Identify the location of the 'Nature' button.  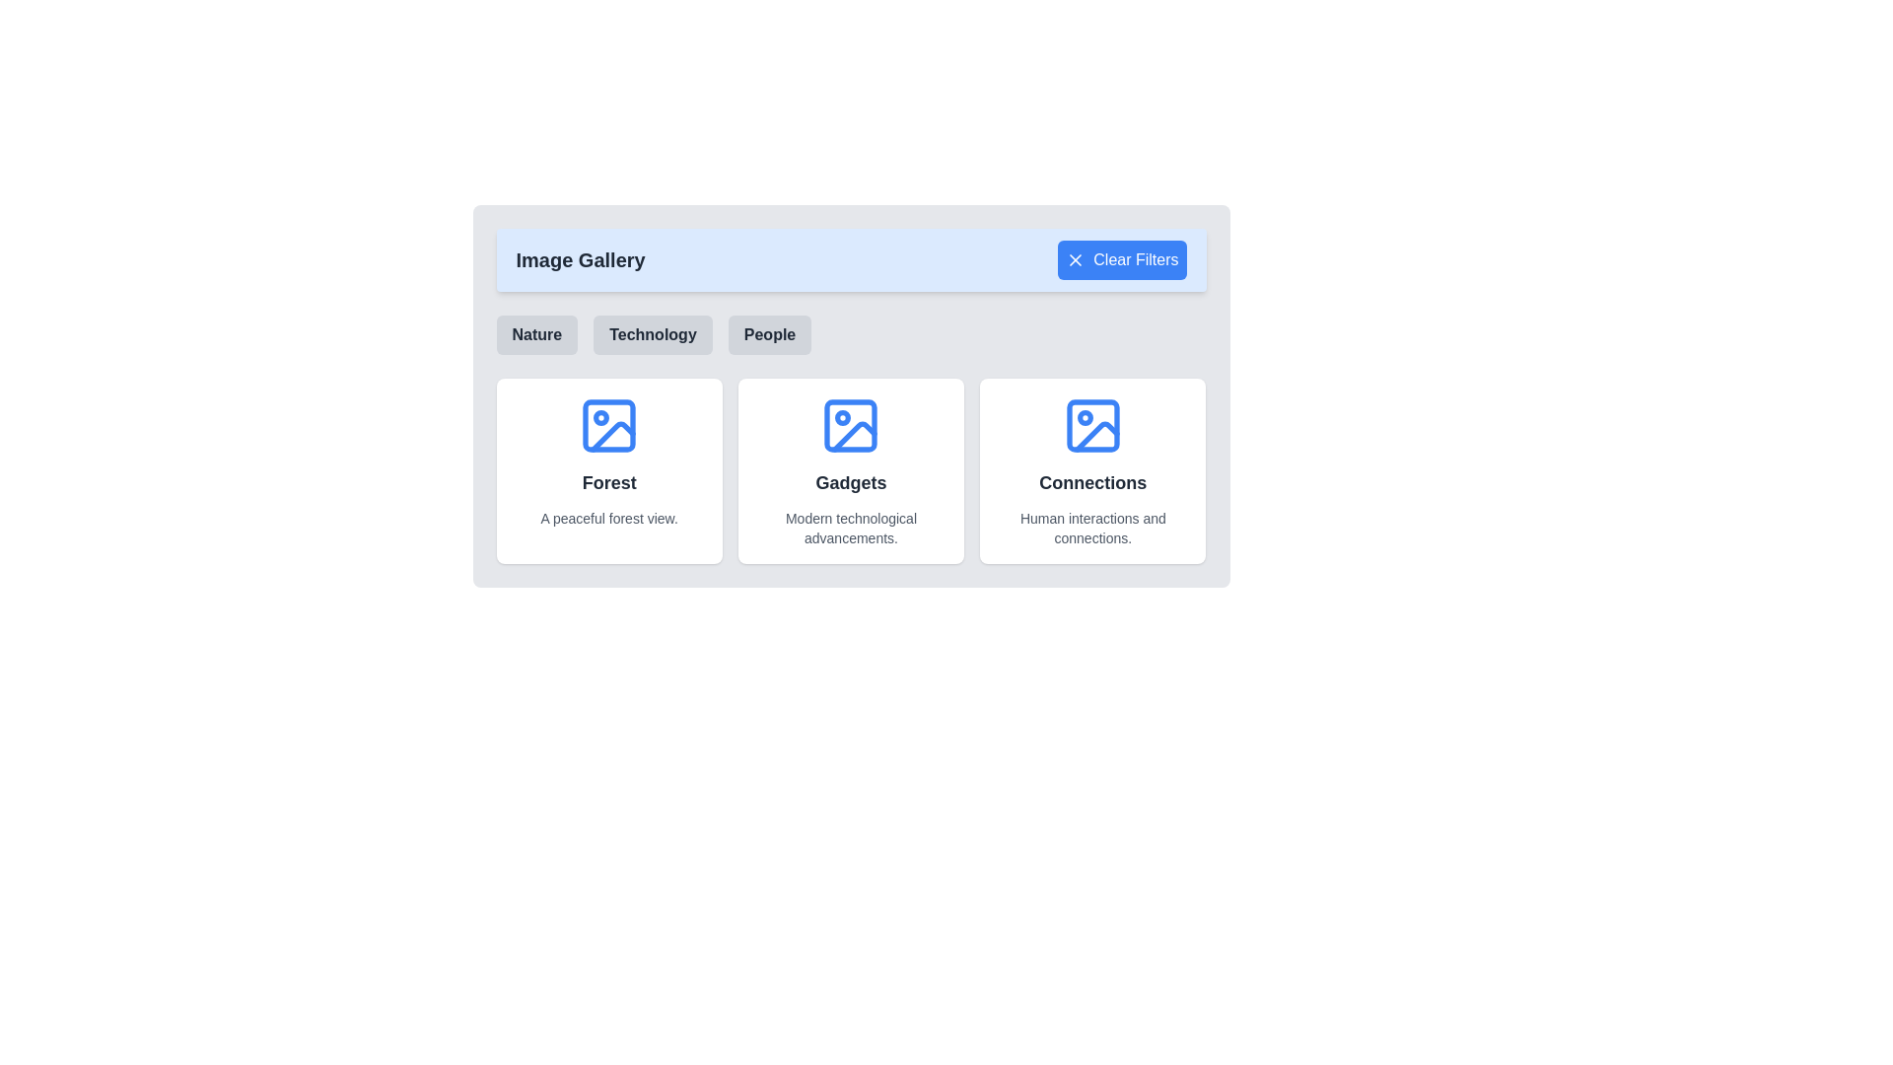
(536, 333).